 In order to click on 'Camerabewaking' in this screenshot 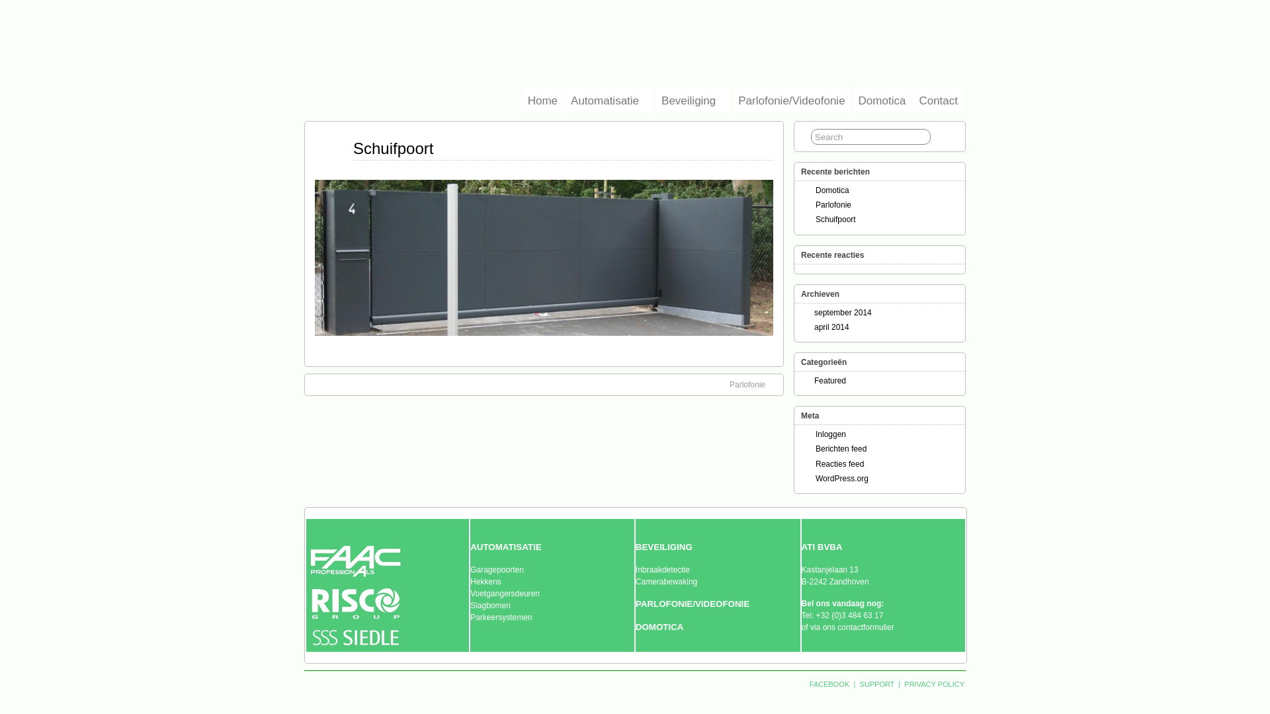, I will do `click(635, 580)`.